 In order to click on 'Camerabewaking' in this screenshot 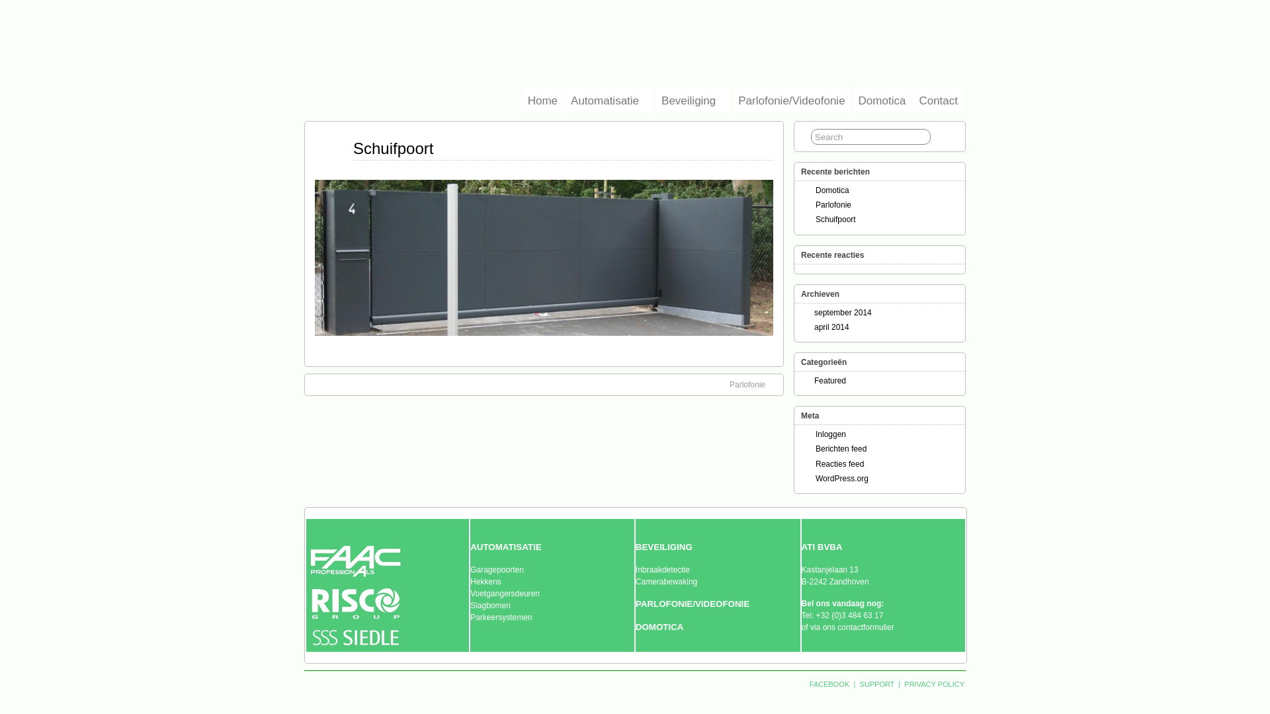, I will do `click(635, 580)`.